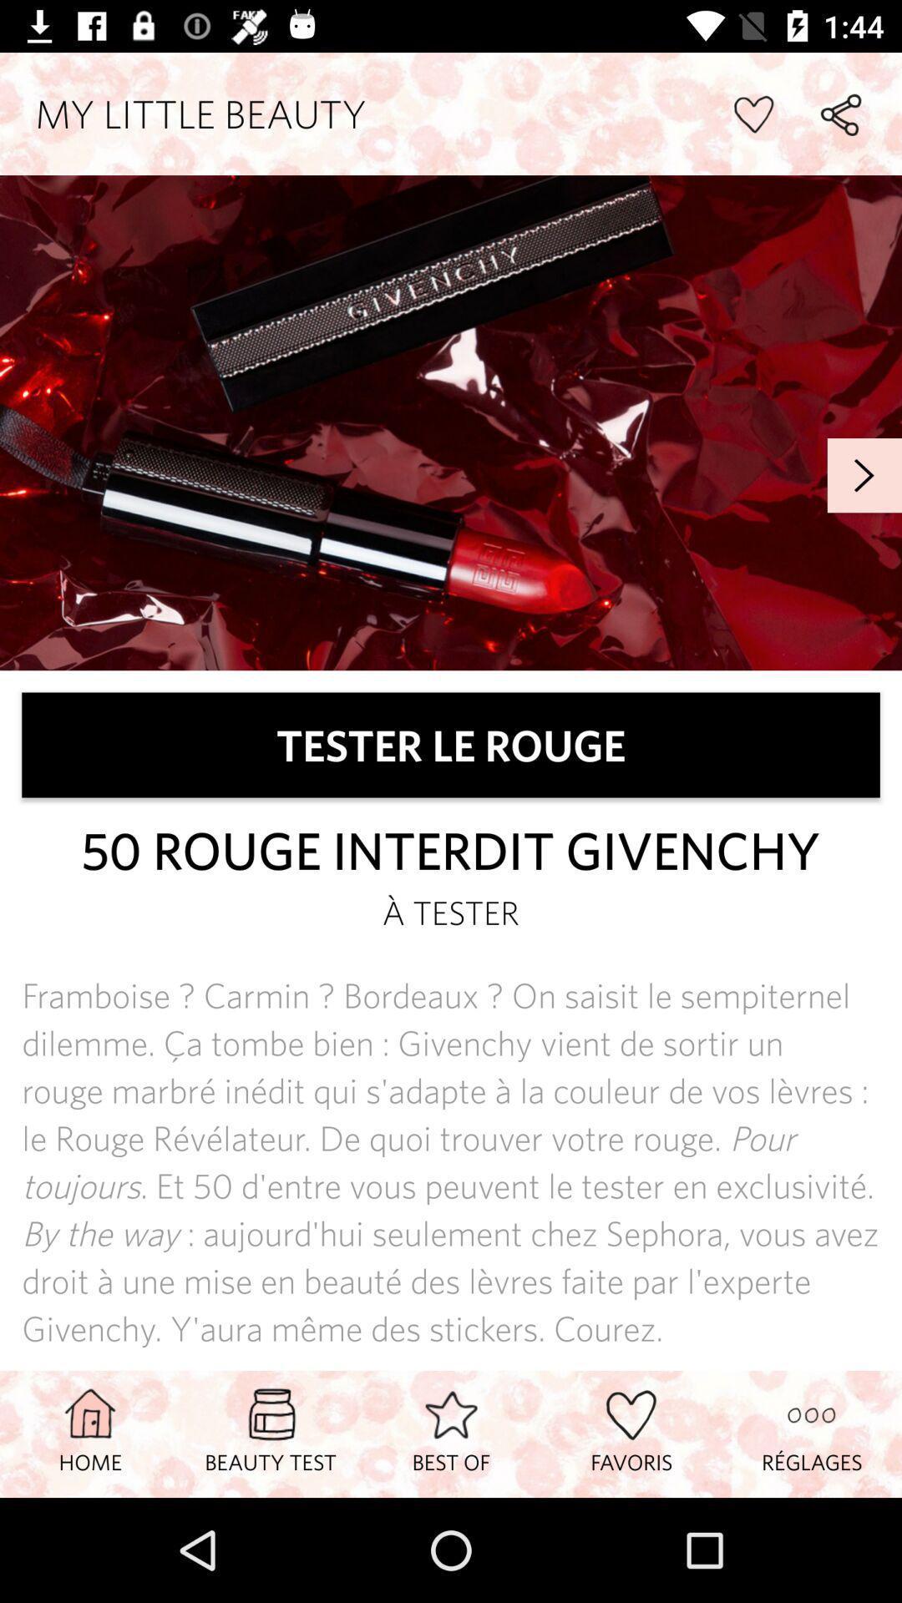  What do you see at coordinates (451, 744) in the screenshot?
I see `tester le rouge item` at bounding box center [451, 744].